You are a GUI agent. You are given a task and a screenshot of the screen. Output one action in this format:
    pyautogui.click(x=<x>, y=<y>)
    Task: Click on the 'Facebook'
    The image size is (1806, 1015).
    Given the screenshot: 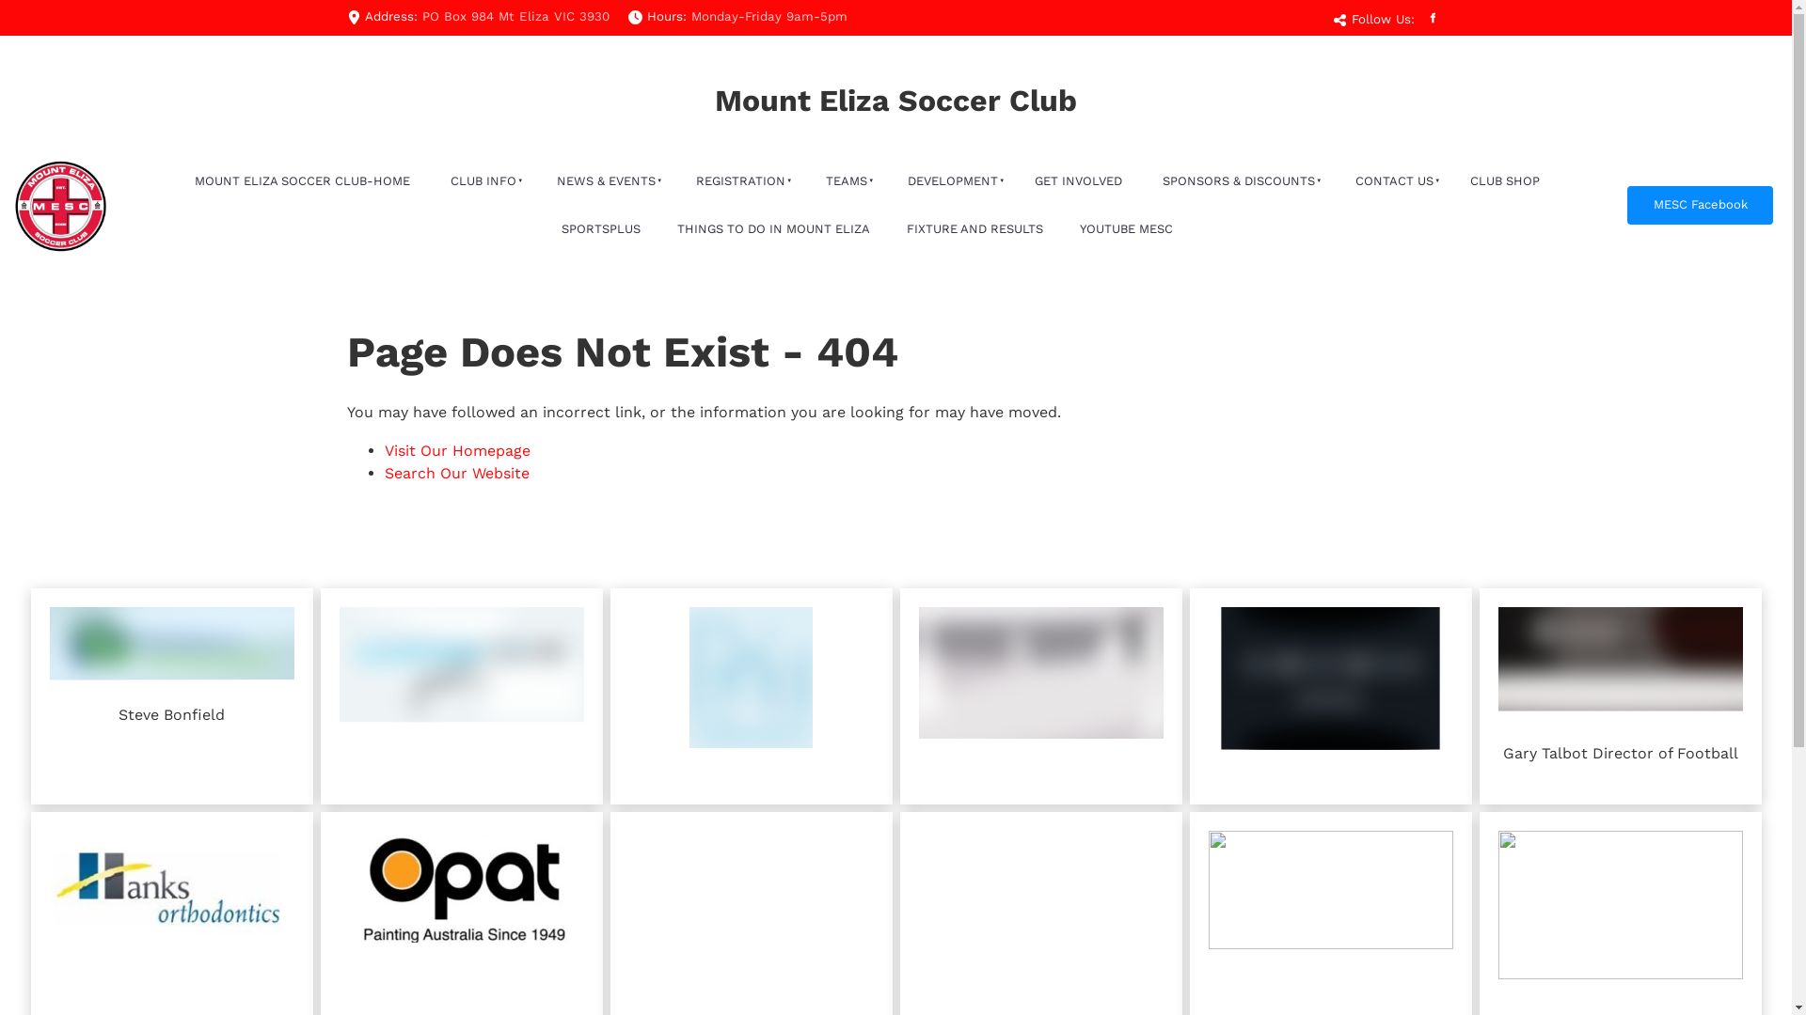 What is the action you would take?
    pyautogui.click(x=1430, y=18)
    